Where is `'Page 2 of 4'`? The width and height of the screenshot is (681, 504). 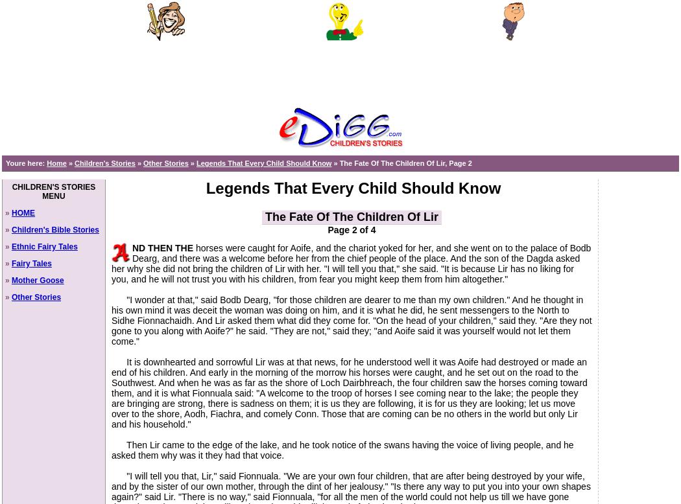 'Page 2 of 4' is located at coordinates (327, 229).